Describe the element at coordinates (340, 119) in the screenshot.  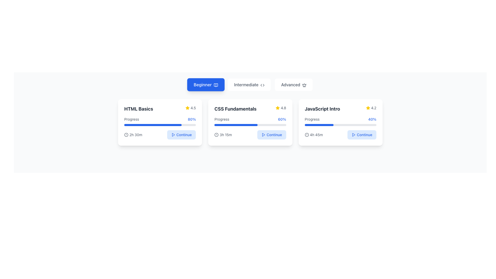
I see `the text display element showing 'Progress' and '40%' for accessibility purposes` at that location.